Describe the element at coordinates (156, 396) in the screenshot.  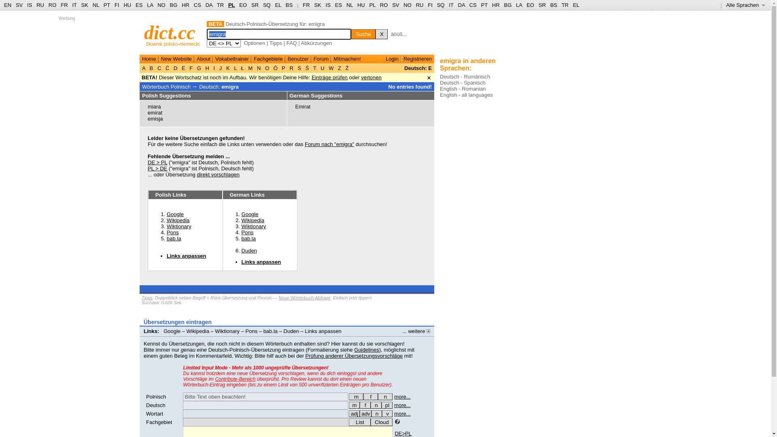
I see `'Polnisch'` at that location.